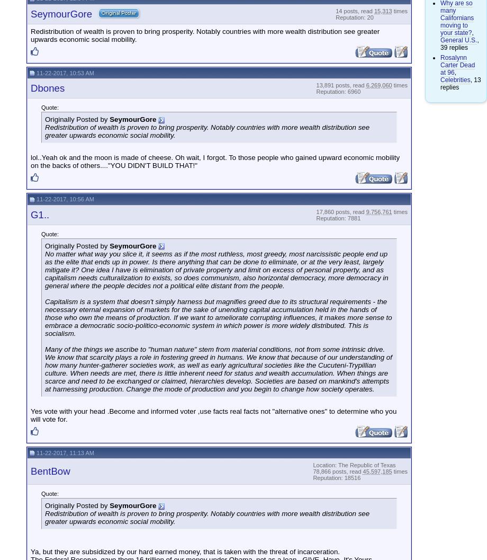 This screenshot has width=487, height=560. I want to click on 'Yes vote with your head .Become and informed voter ,use facts real facts not "alternative ones" to determine who you will vote for.', so click(213, 415).